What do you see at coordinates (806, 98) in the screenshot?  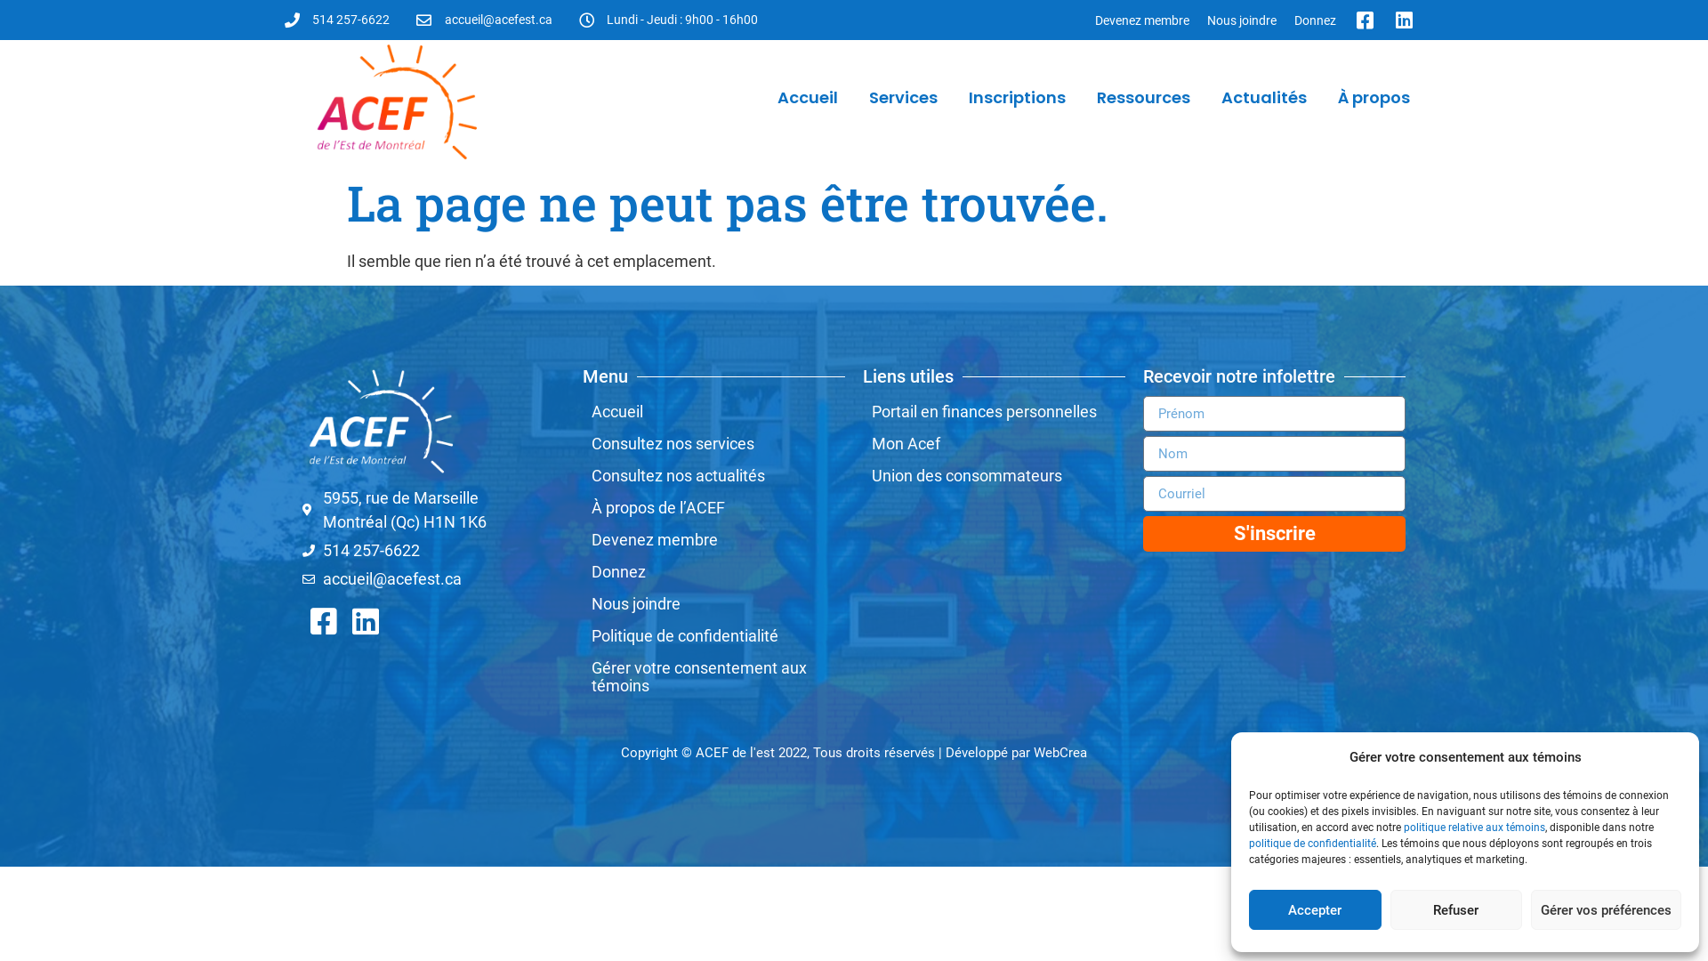 I see `'Accueil'` at bounding box center [806, 98].